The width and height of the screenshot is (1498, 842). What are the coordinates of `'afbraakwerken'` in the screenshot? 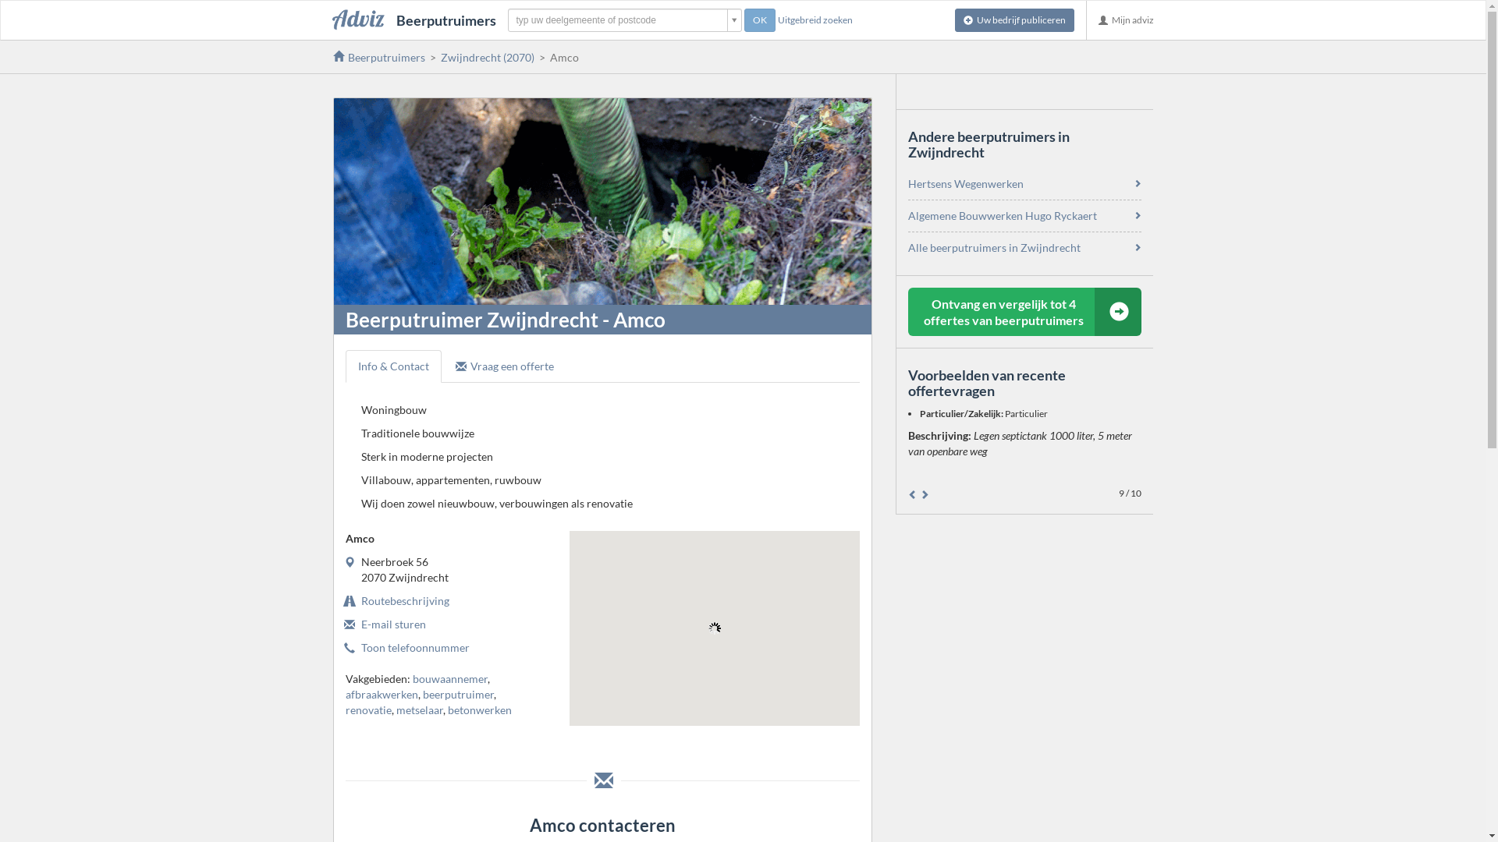 It's located at (381, 693).